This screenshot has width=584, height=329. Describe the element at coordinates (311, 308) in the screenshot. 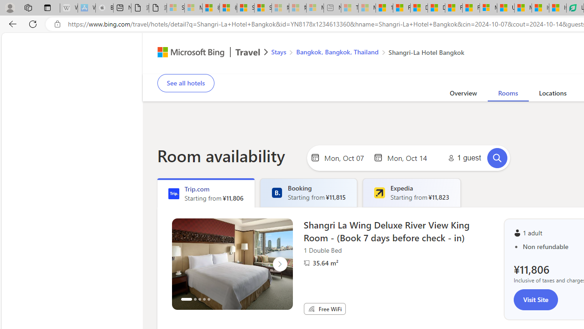

I see `'Free WiFi'` at that location.